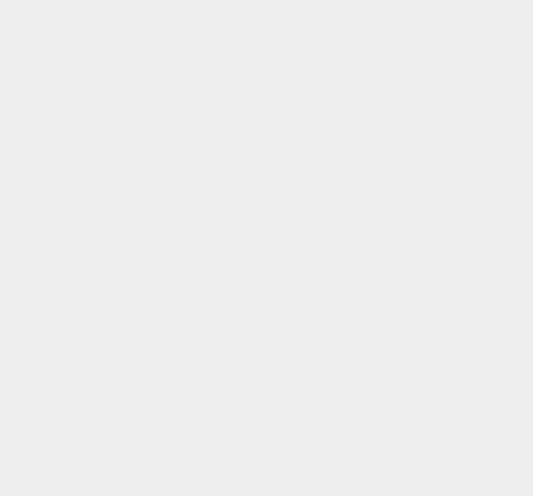 The height and width of the screenshot is (496, 533). I want to click on 'macOS High Sierra', so click(404, 392).